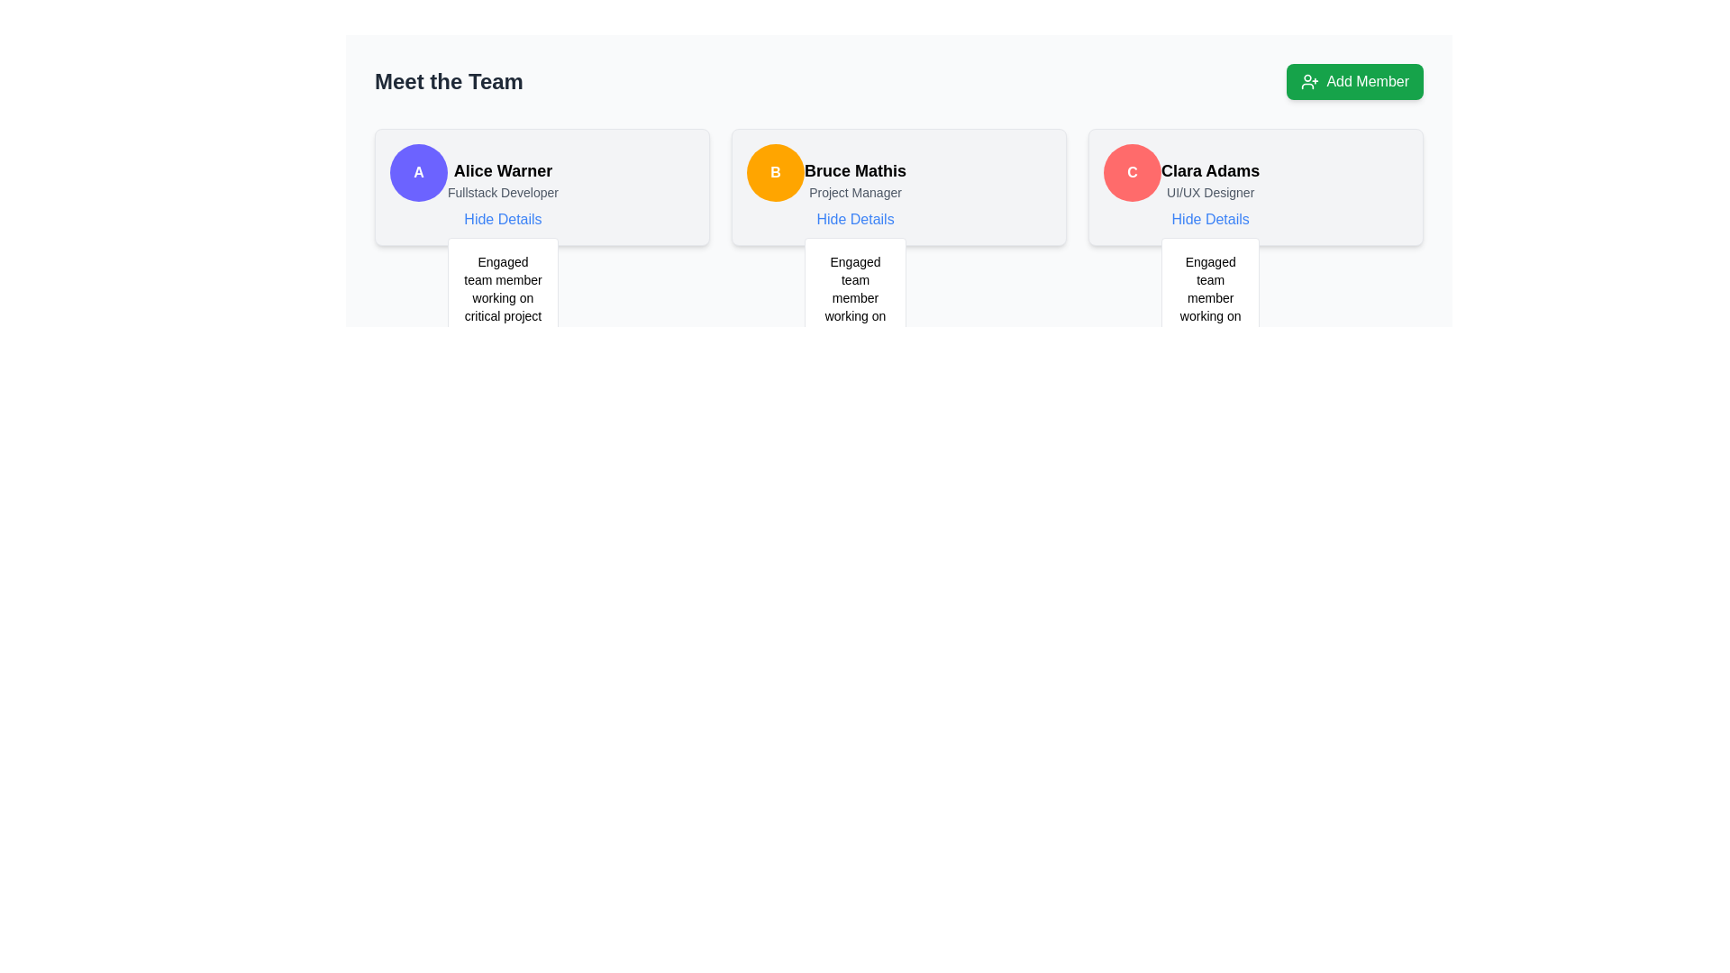 The image size is (1730, 973). I want to click on the static text label displaying 'Fullstack Developer', which is located below 'Alice Warner' and above 'Hide Details' in the leftmost profile card of the 'Meet the Team' section, so click(503, 192).